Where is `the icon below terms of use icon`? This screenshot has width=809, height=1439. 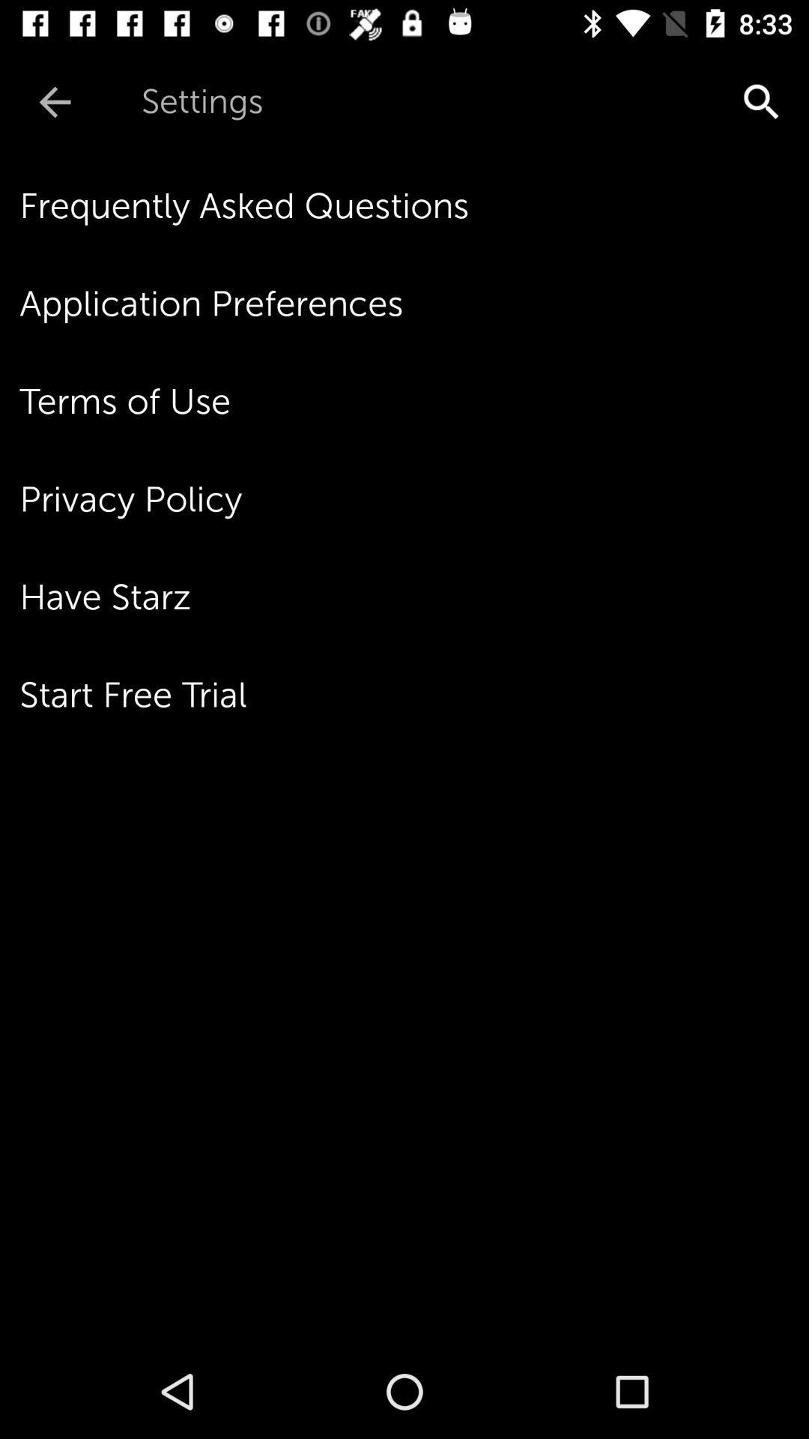 the icon below terms of use icon is located at coordinates (414, 499).